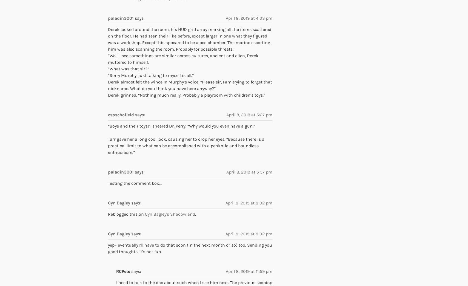 This screenshot has height=286, width=468. I want to click on 'RCPete', so click(123, 271).